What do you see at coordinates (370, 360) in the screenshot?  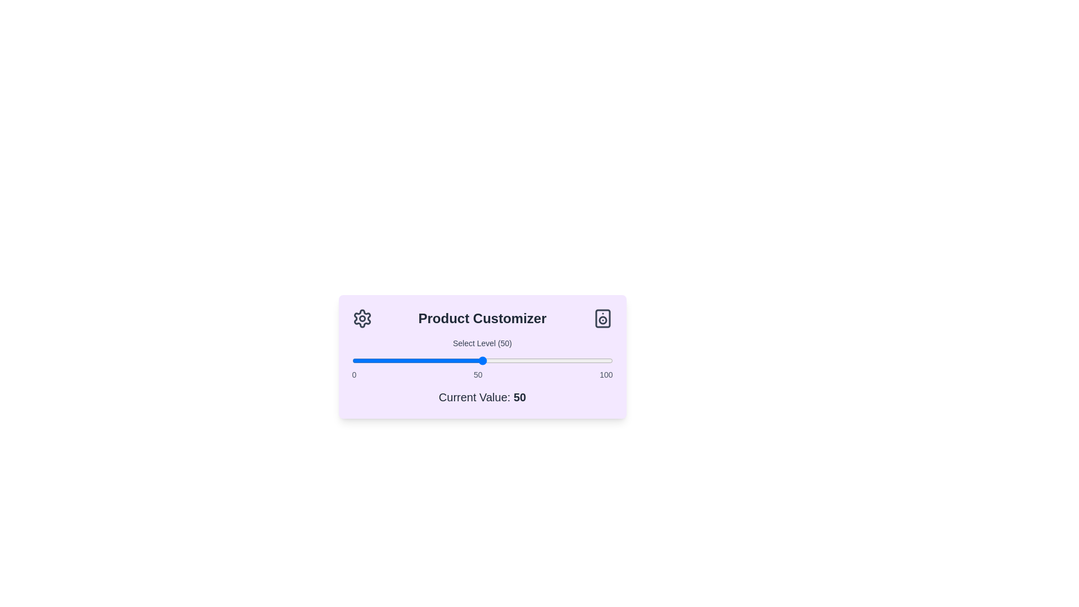 I see `the slider to set the customization level to 7` at bounding box center [370, 360].